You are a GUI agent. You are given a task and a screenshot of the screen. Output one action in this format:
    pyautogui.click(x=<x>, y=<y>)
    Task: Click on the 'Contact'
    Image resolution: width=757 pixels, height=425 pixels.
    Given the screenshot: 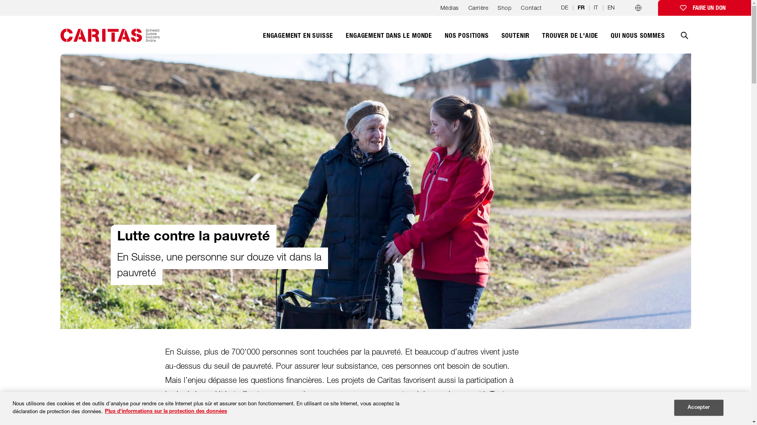 What is the action you would take?
    pyautogui.click(x=520, y=10)
    